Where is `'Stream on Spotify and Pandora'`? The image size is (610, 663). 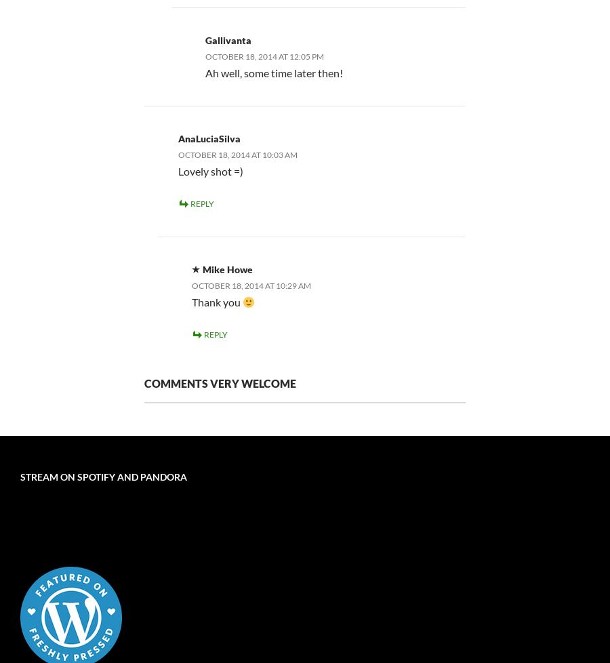 'Stream on Spotify and Pandora' is located at coordinates (19, 476).